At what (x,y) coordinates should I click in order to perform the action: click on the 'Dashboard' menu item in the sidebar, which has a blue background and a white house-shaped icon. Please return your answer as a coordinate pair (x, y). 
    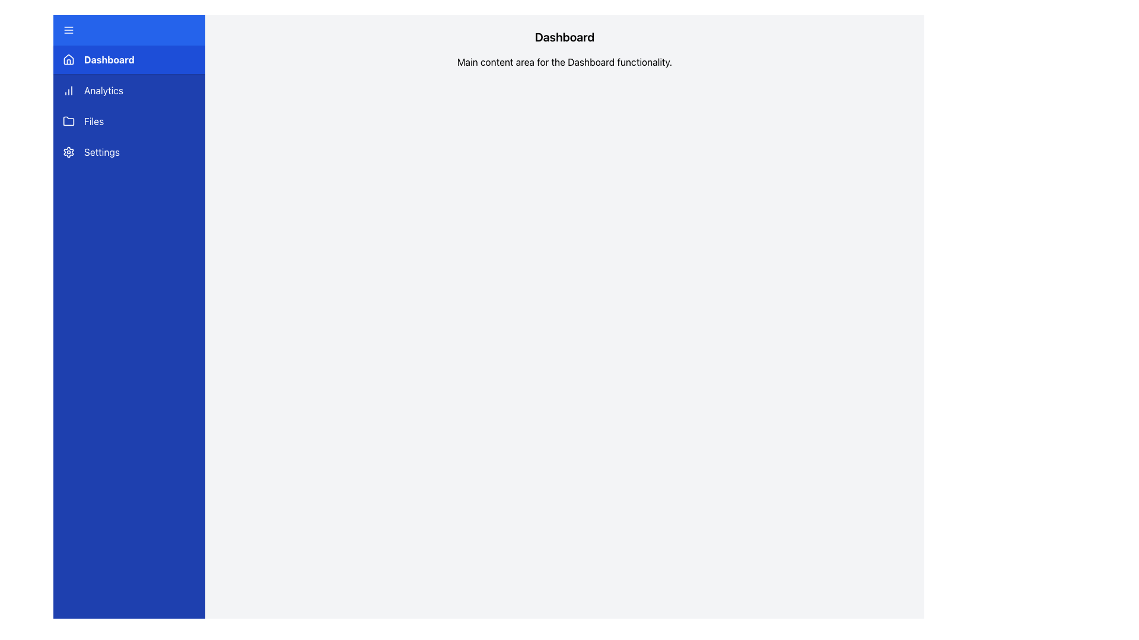
    Looking at the image, I should click on (129, 59).